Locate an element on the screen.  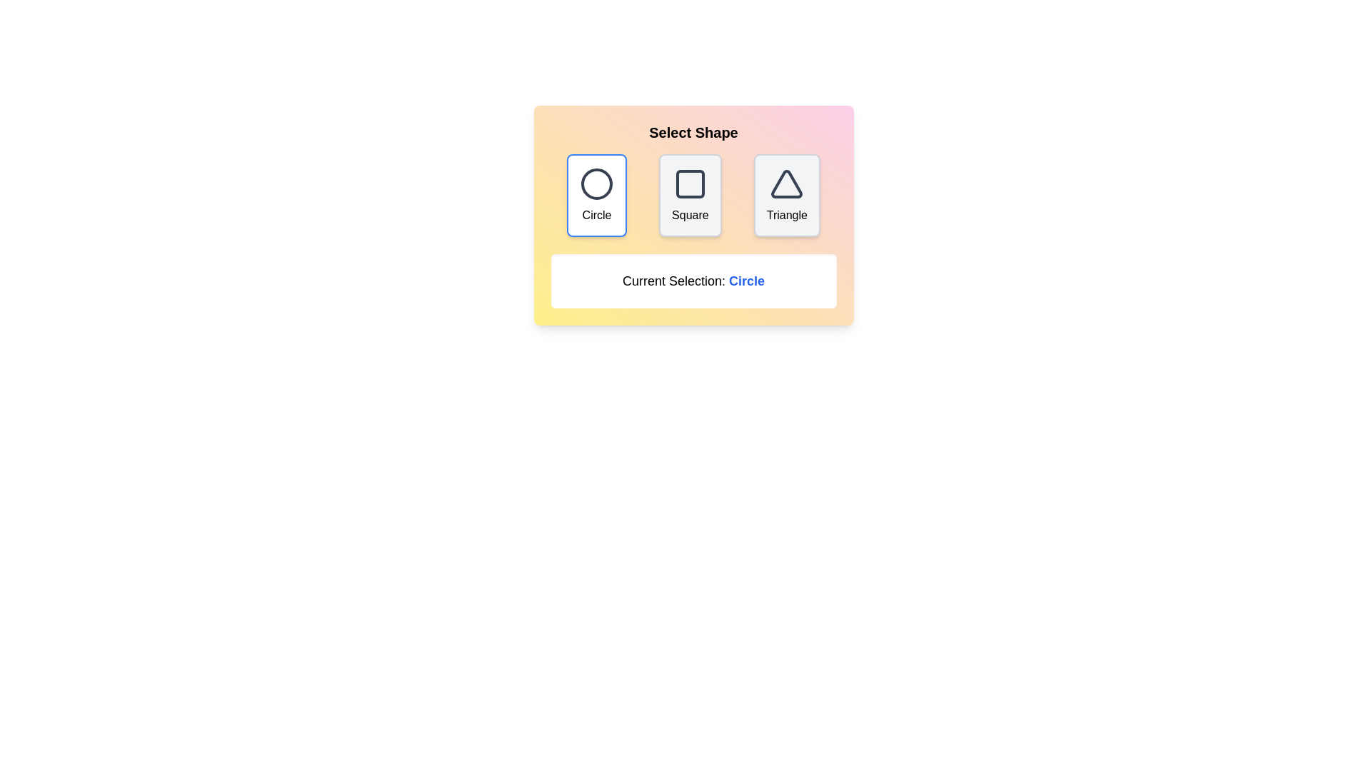
the Square button to observe hover effects is located at coordinates (690, 195).